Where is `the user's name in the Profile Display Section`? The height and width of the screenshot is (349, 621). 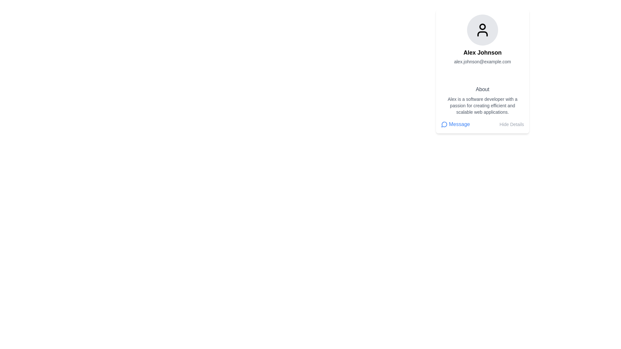 the user's name in the Profile Display Section is located at coordinates (483, 47).